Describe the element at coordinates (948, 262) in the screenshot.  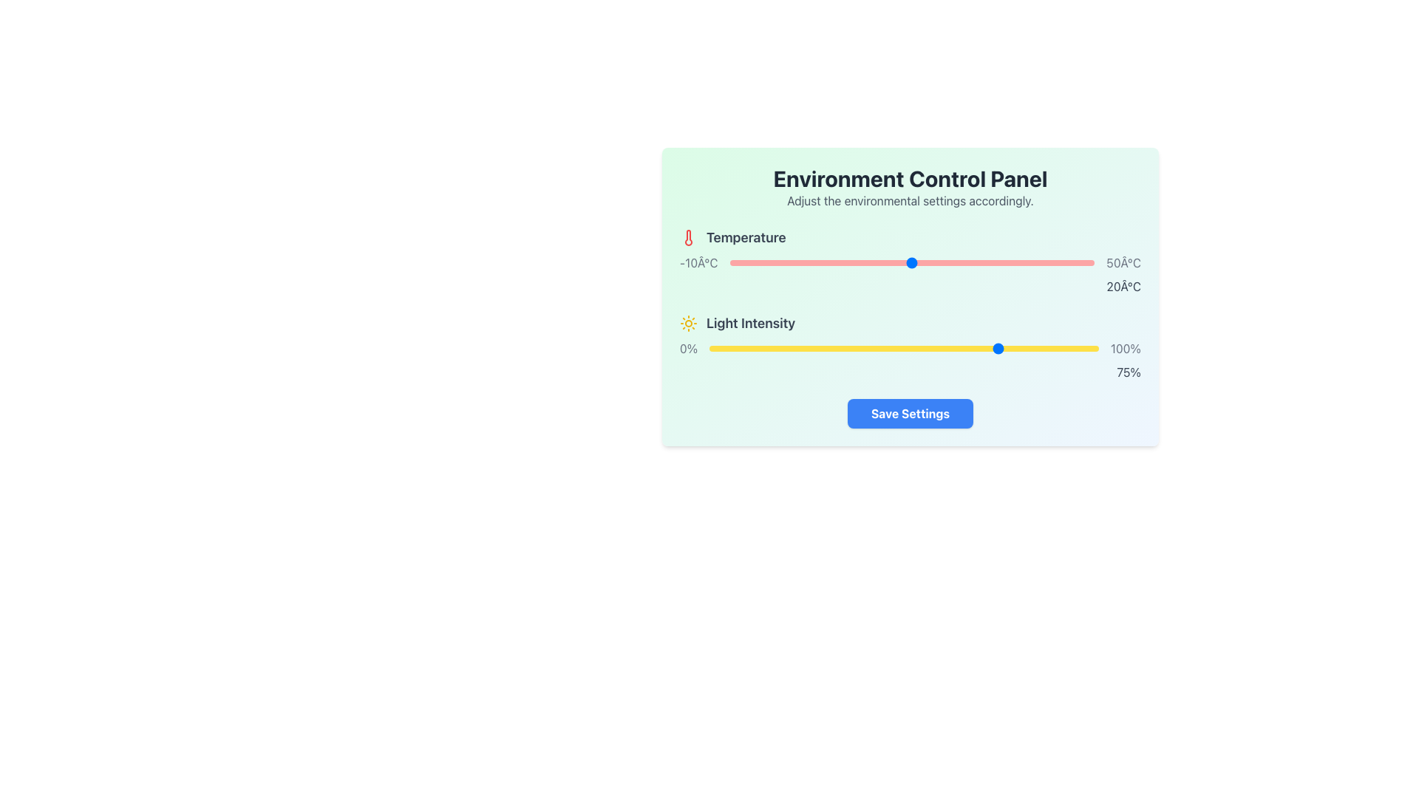
I see `temperature` at that location.